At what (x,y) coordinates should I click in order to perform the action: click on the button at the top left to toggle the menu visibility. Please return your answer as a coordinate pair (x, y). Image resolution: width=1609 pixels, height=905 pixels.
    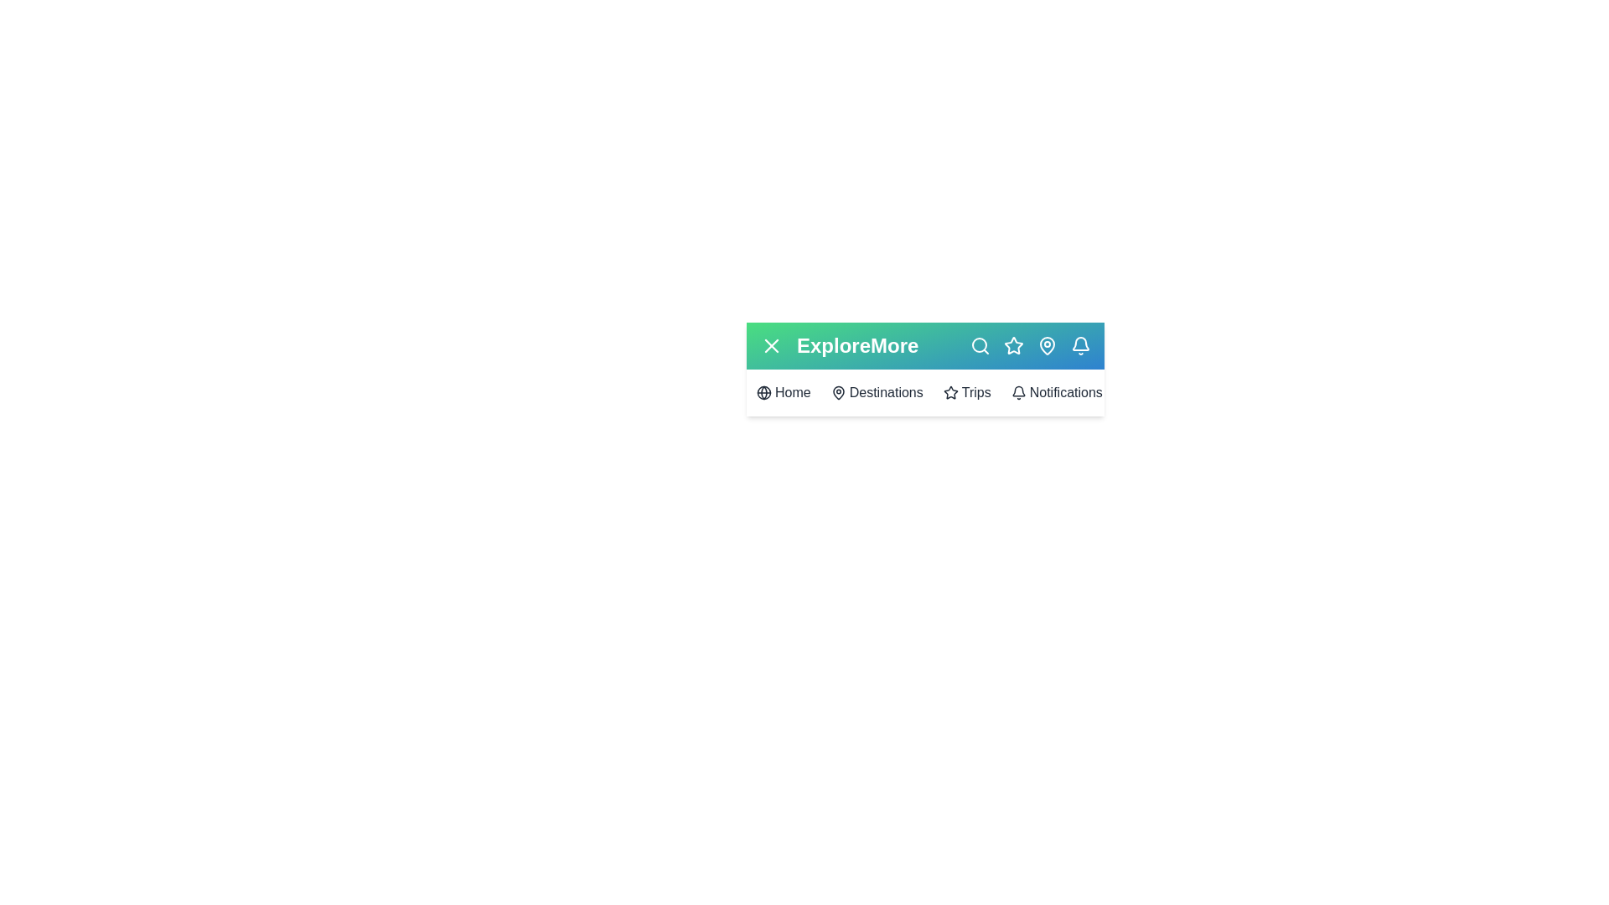
    Looking at the image, I should click on (771, 344).